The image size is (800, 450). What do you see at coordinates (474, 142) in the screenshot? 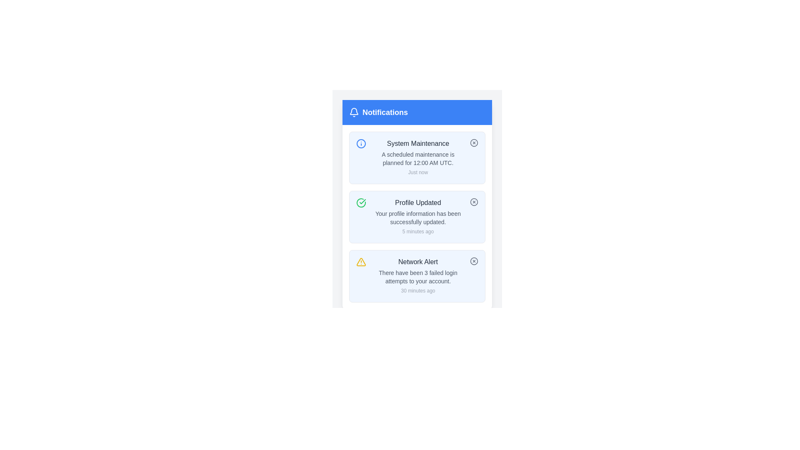
I see `the close icon button located at the top-right corner of the first notification card, next to the title 'System Maintenance.'` at bounding box center [474, 142].